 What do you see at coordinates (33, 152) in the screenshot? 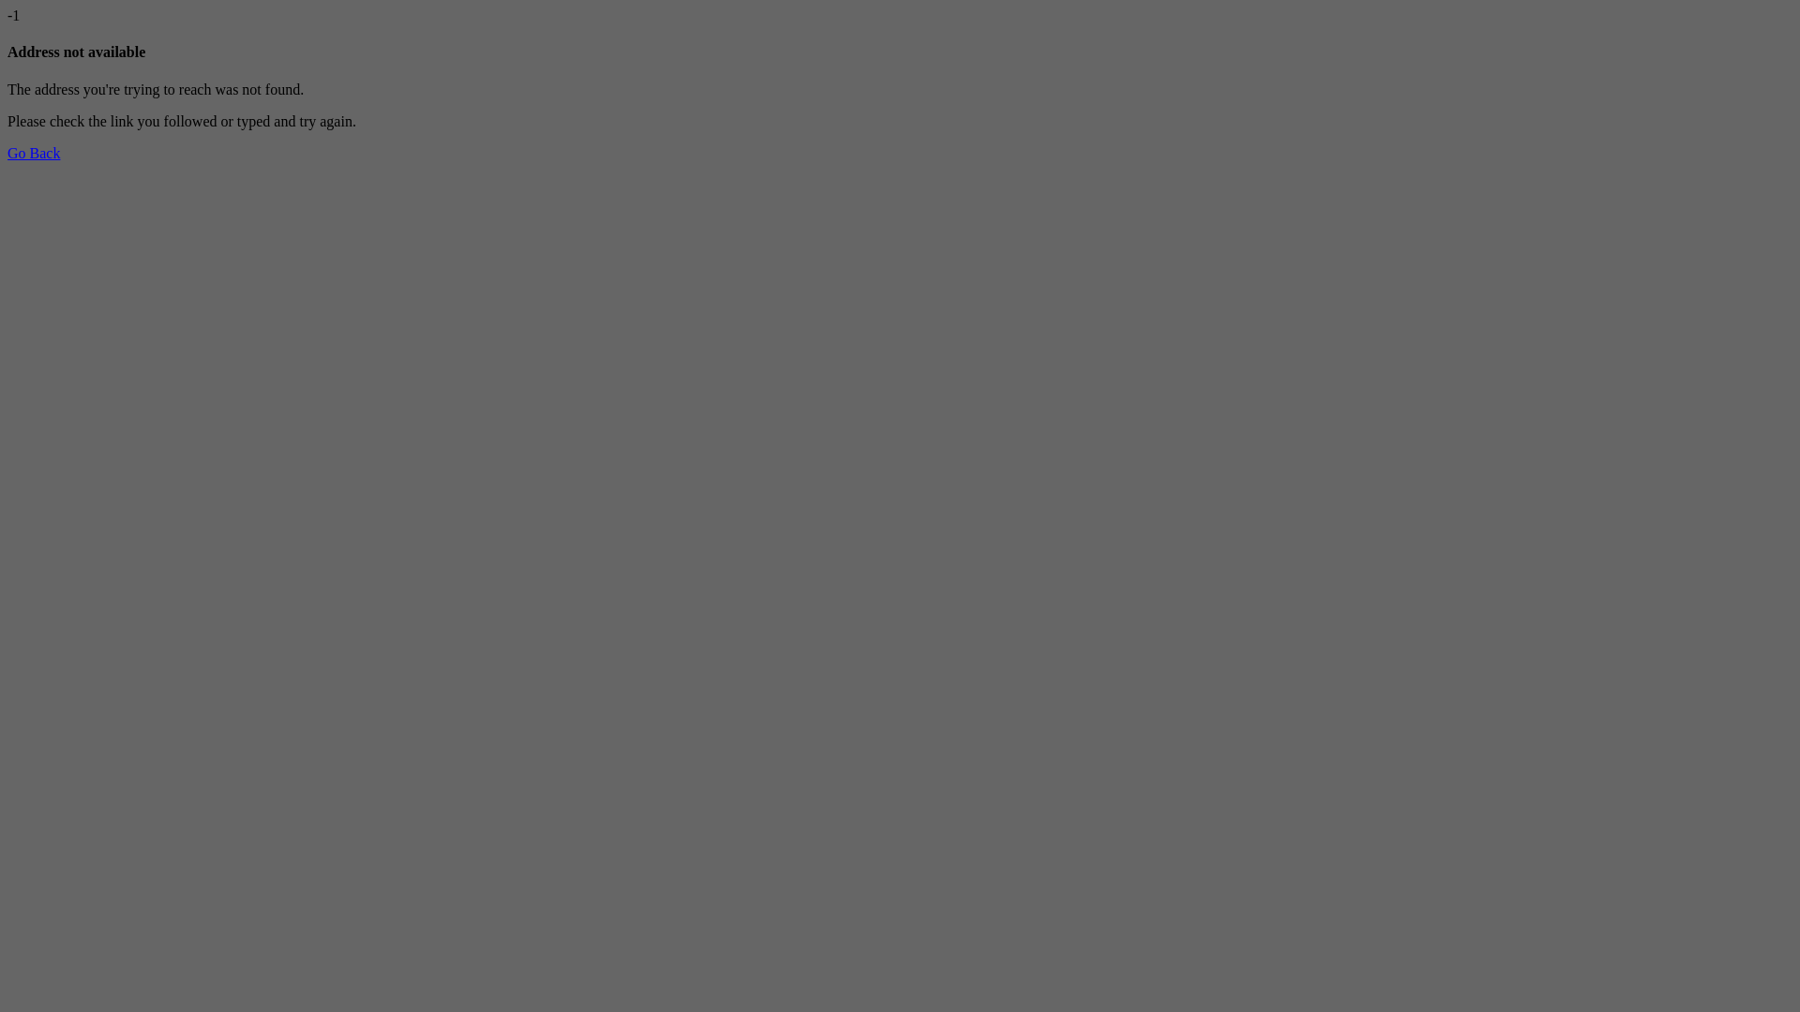
I see `'Go Back'` at bounding box center [33, 152].